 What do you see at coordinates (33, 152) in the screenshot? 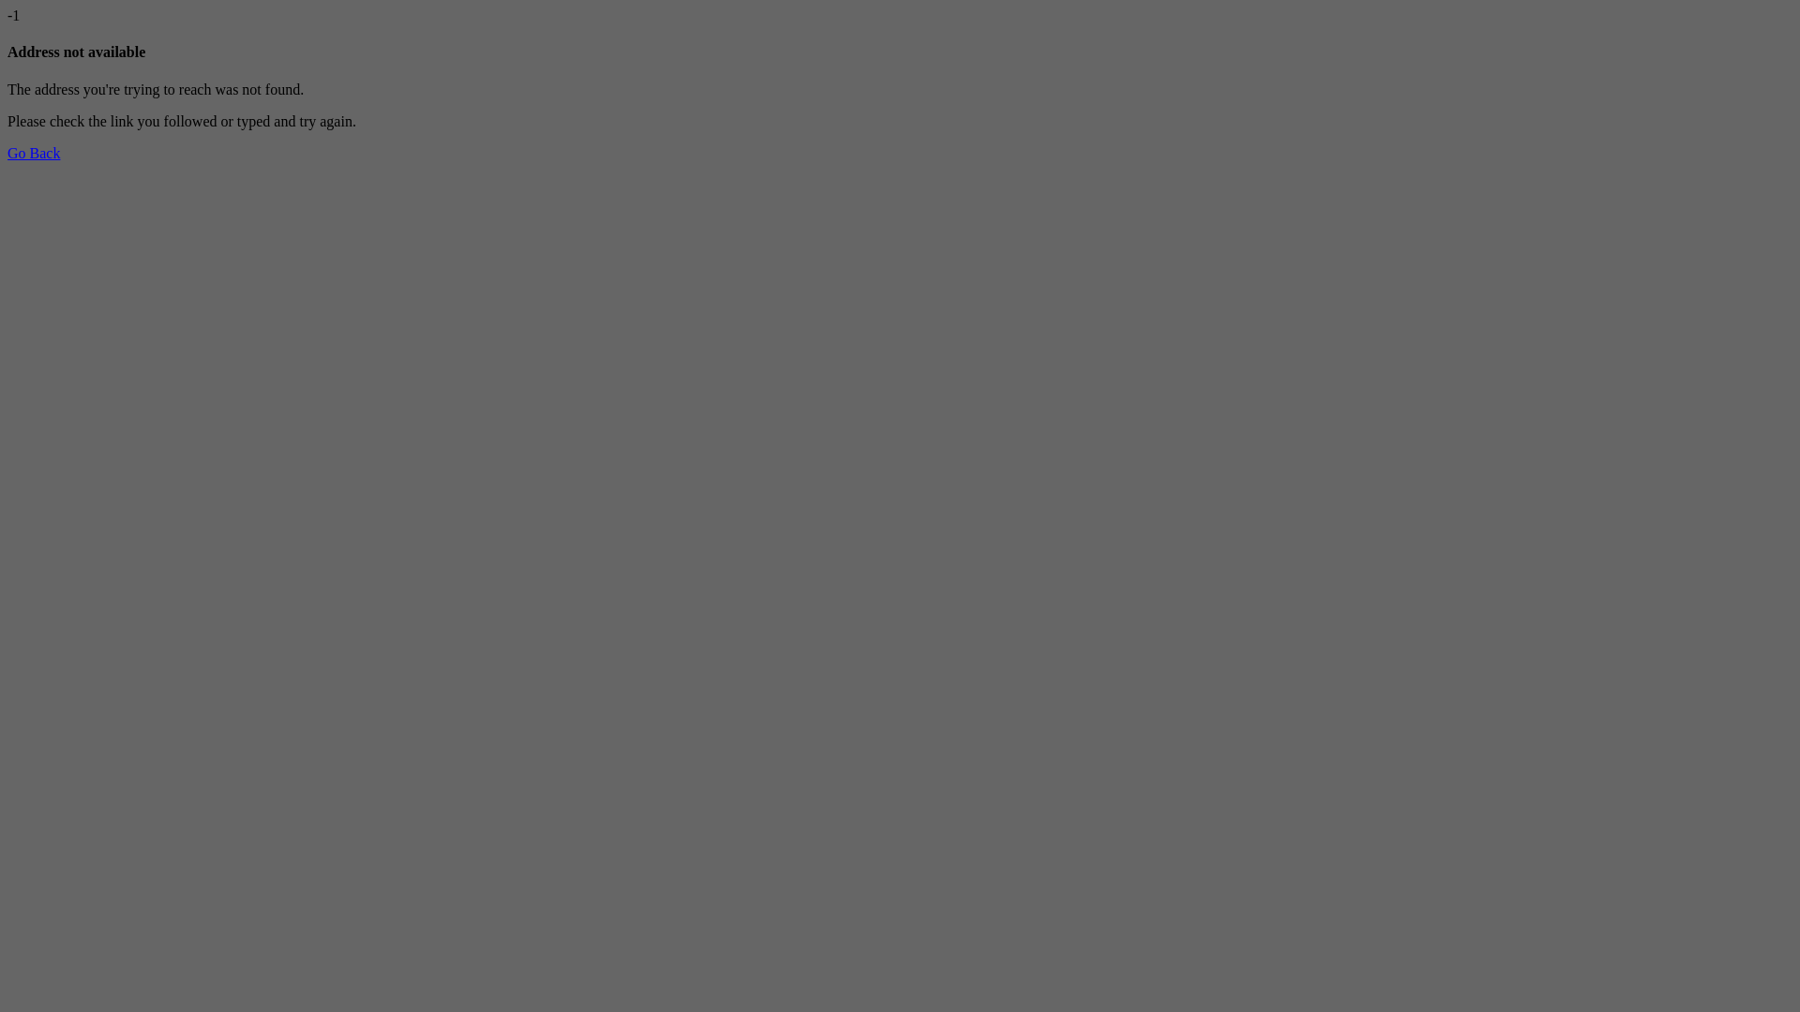
I see `'Go Back'` at bounding box center [33, 152].